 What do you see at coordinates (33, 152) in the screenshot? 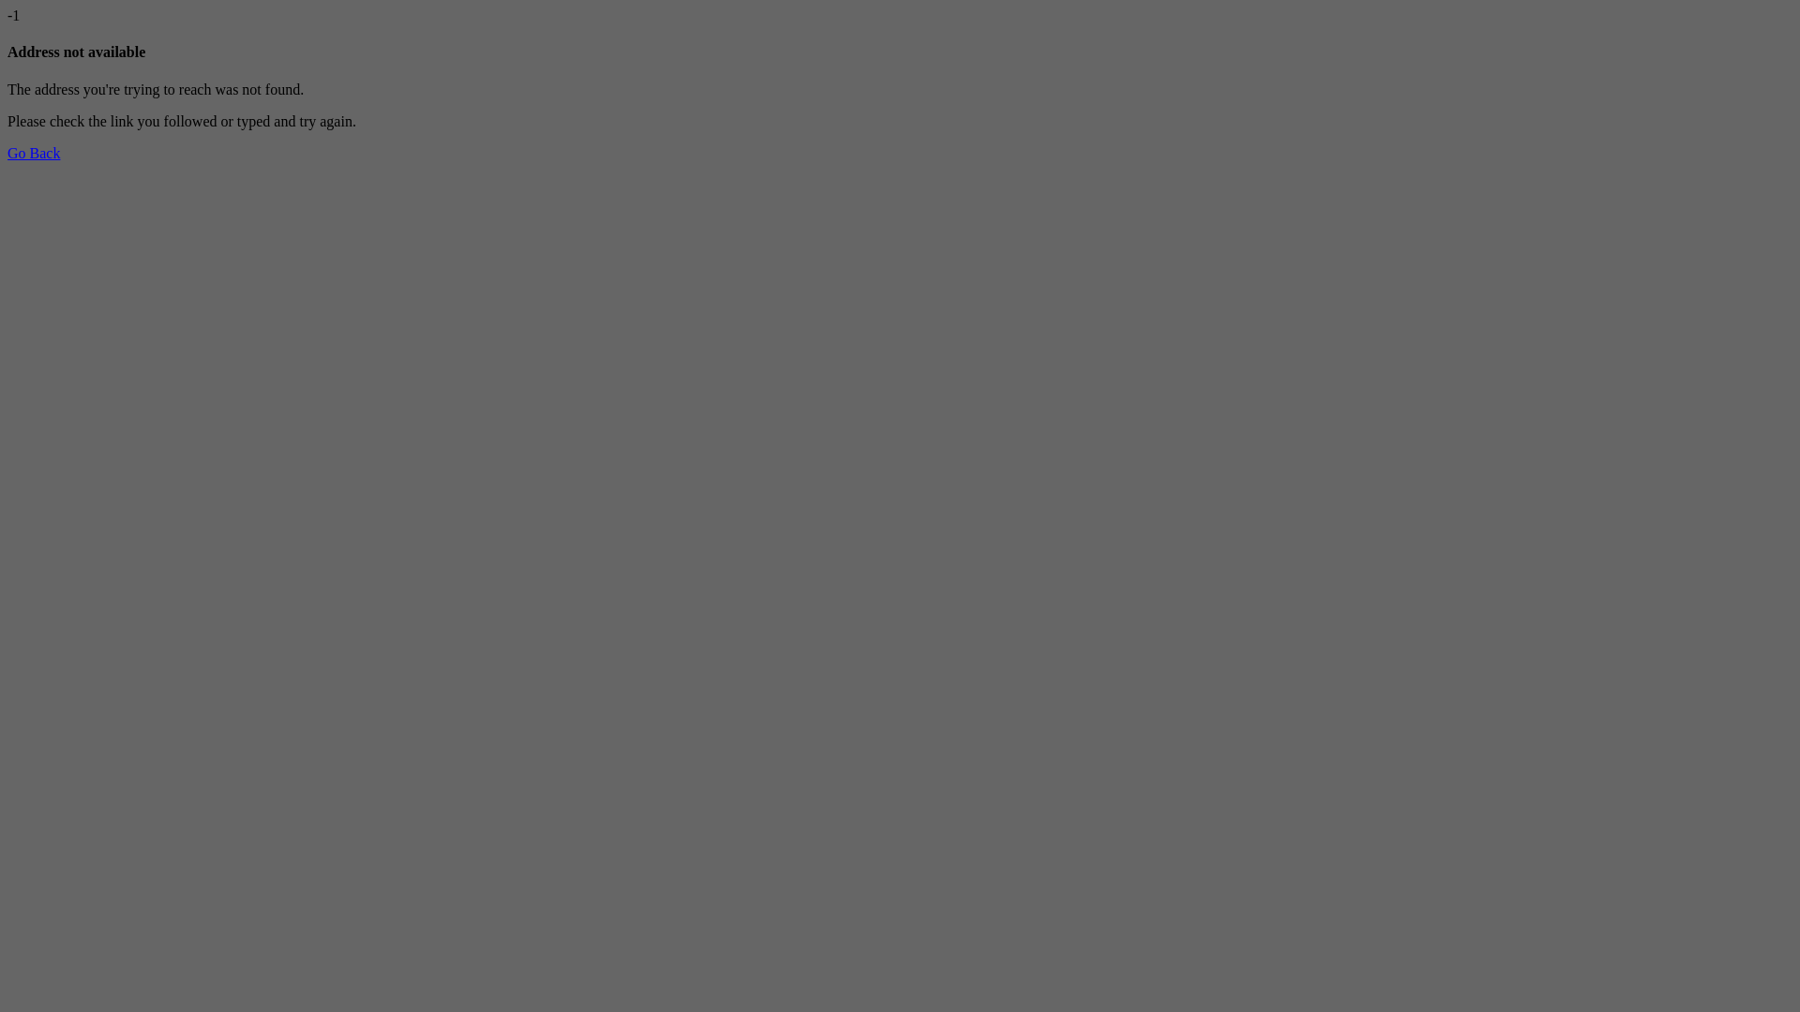
I see `'Go Back'` at bounding box center [33, 152].